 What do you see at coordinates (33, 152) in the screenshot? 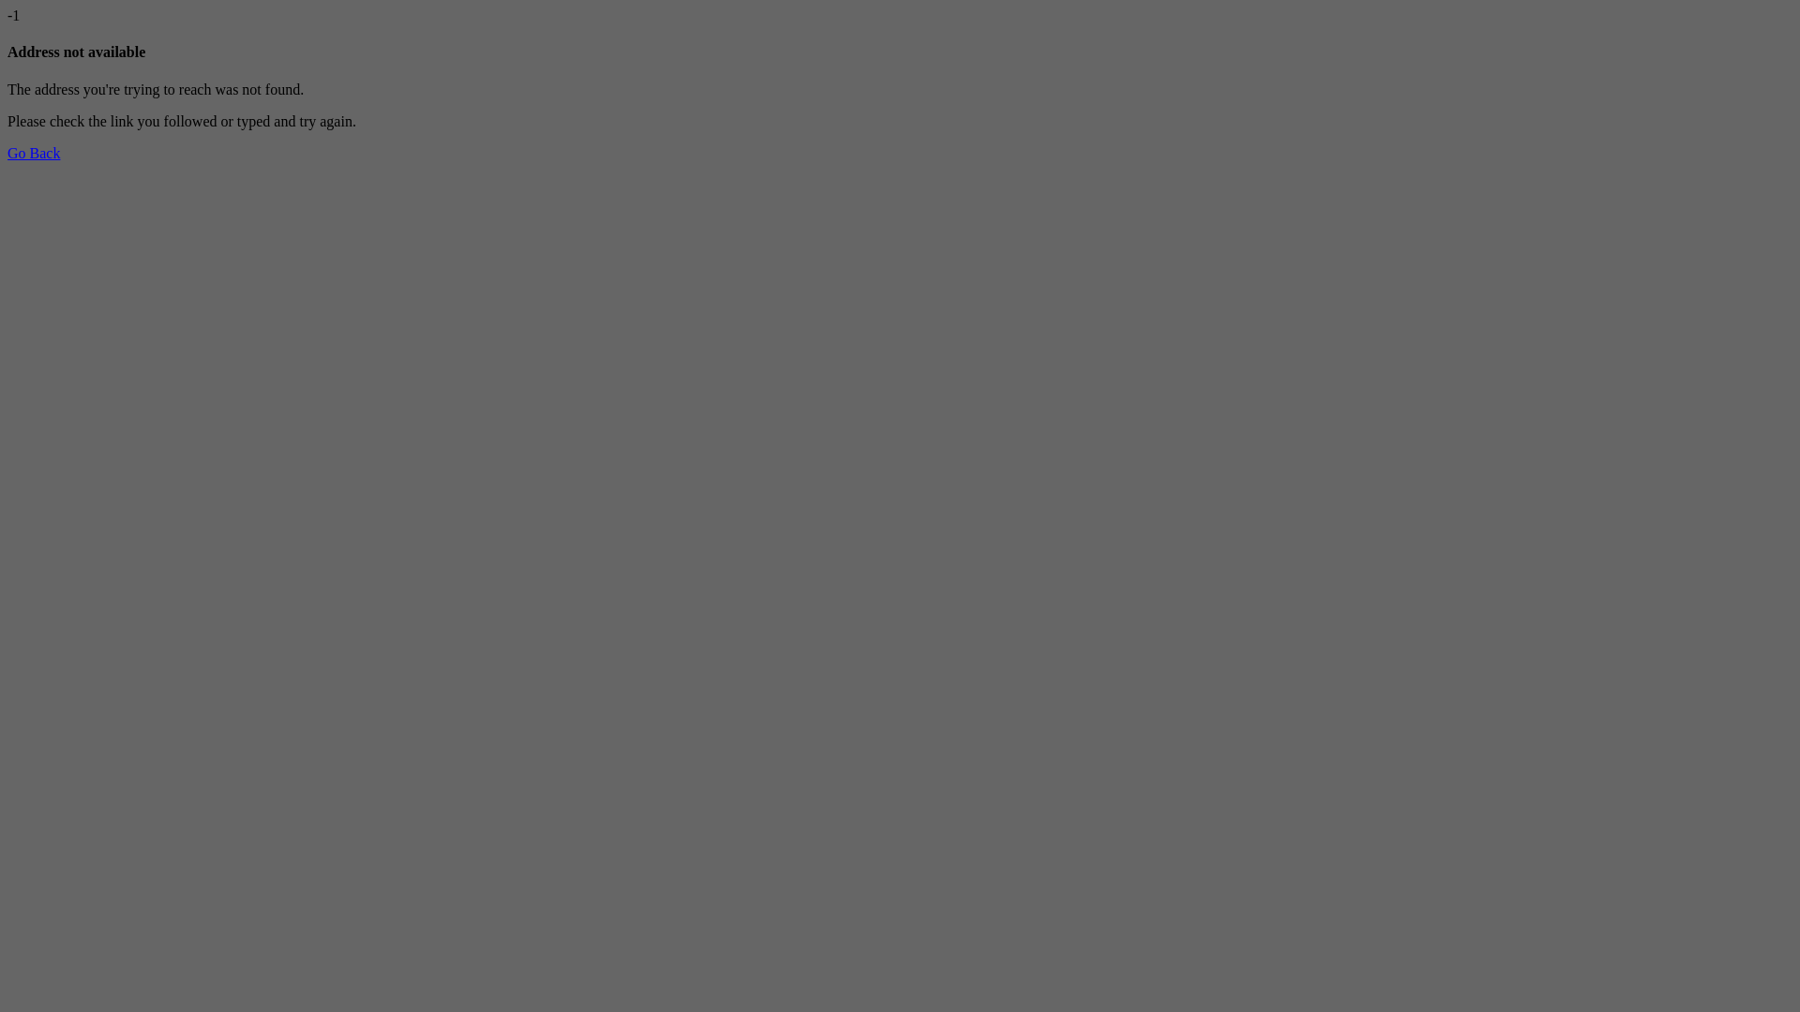
I see `'Go Back'` at bounding box center [33, 152].